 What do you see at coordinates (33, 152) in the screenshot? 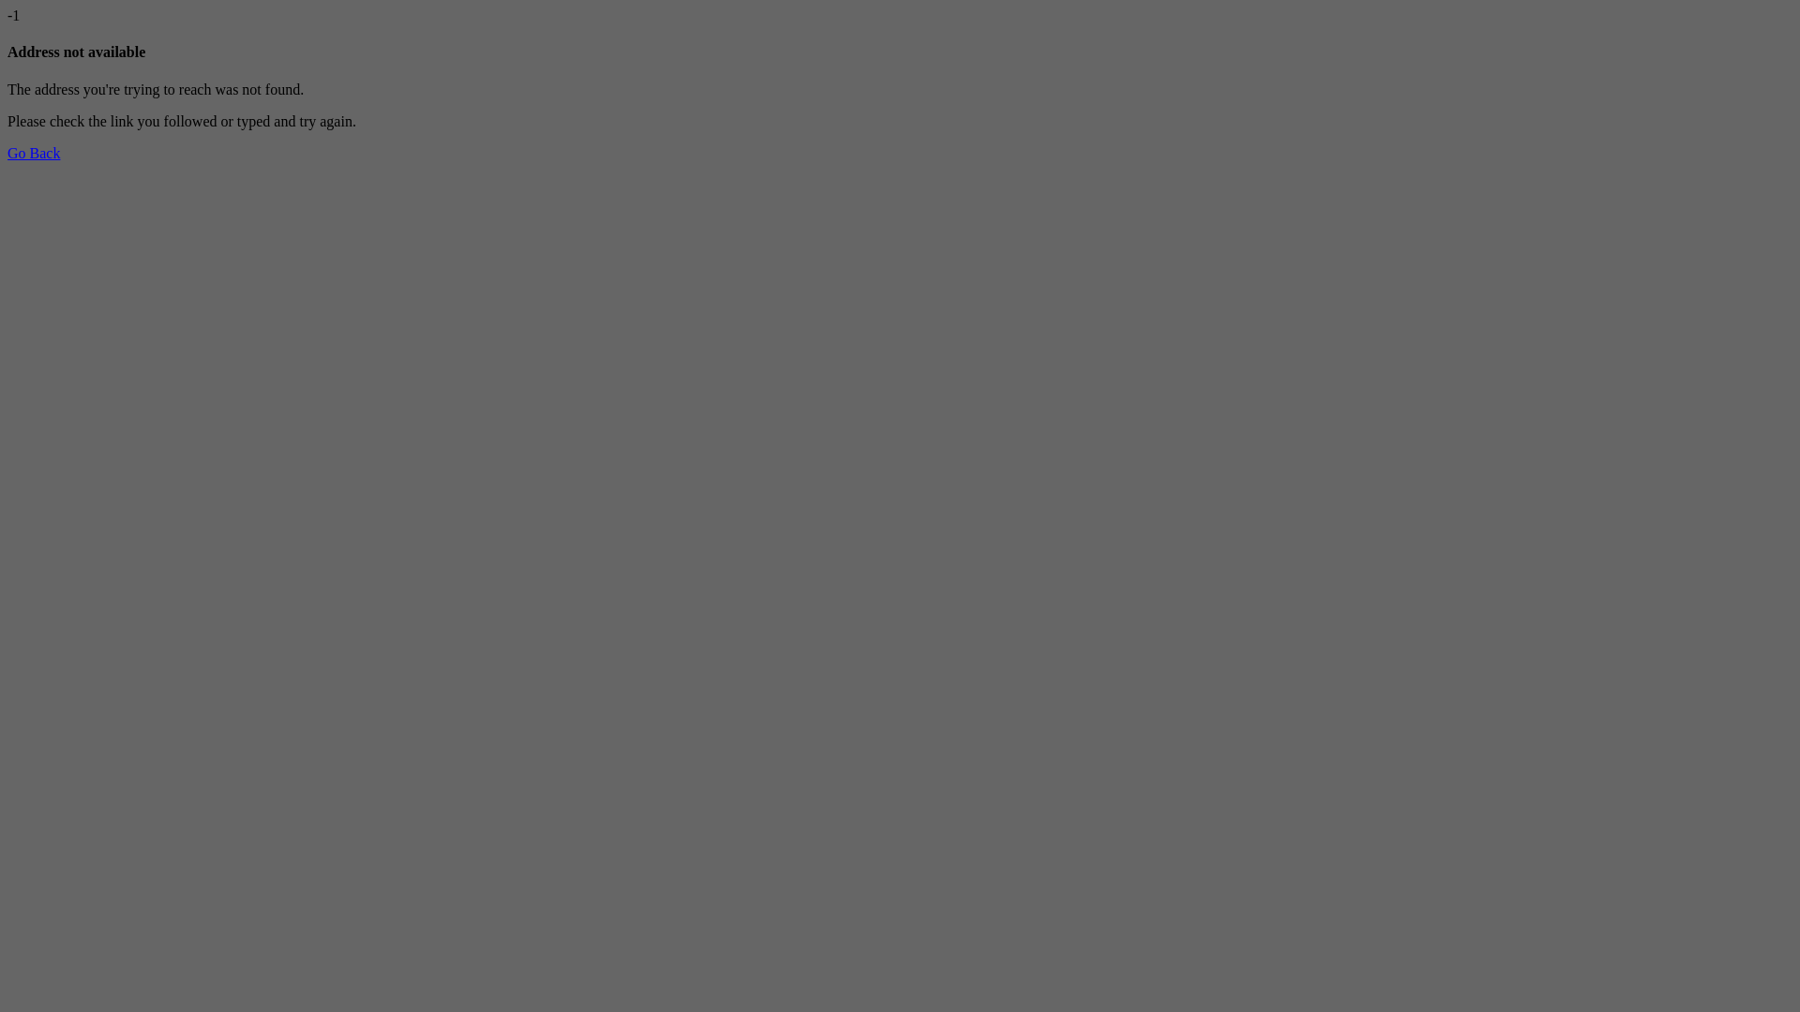
I see `'Go Back'` at bounding box center [33, 152].